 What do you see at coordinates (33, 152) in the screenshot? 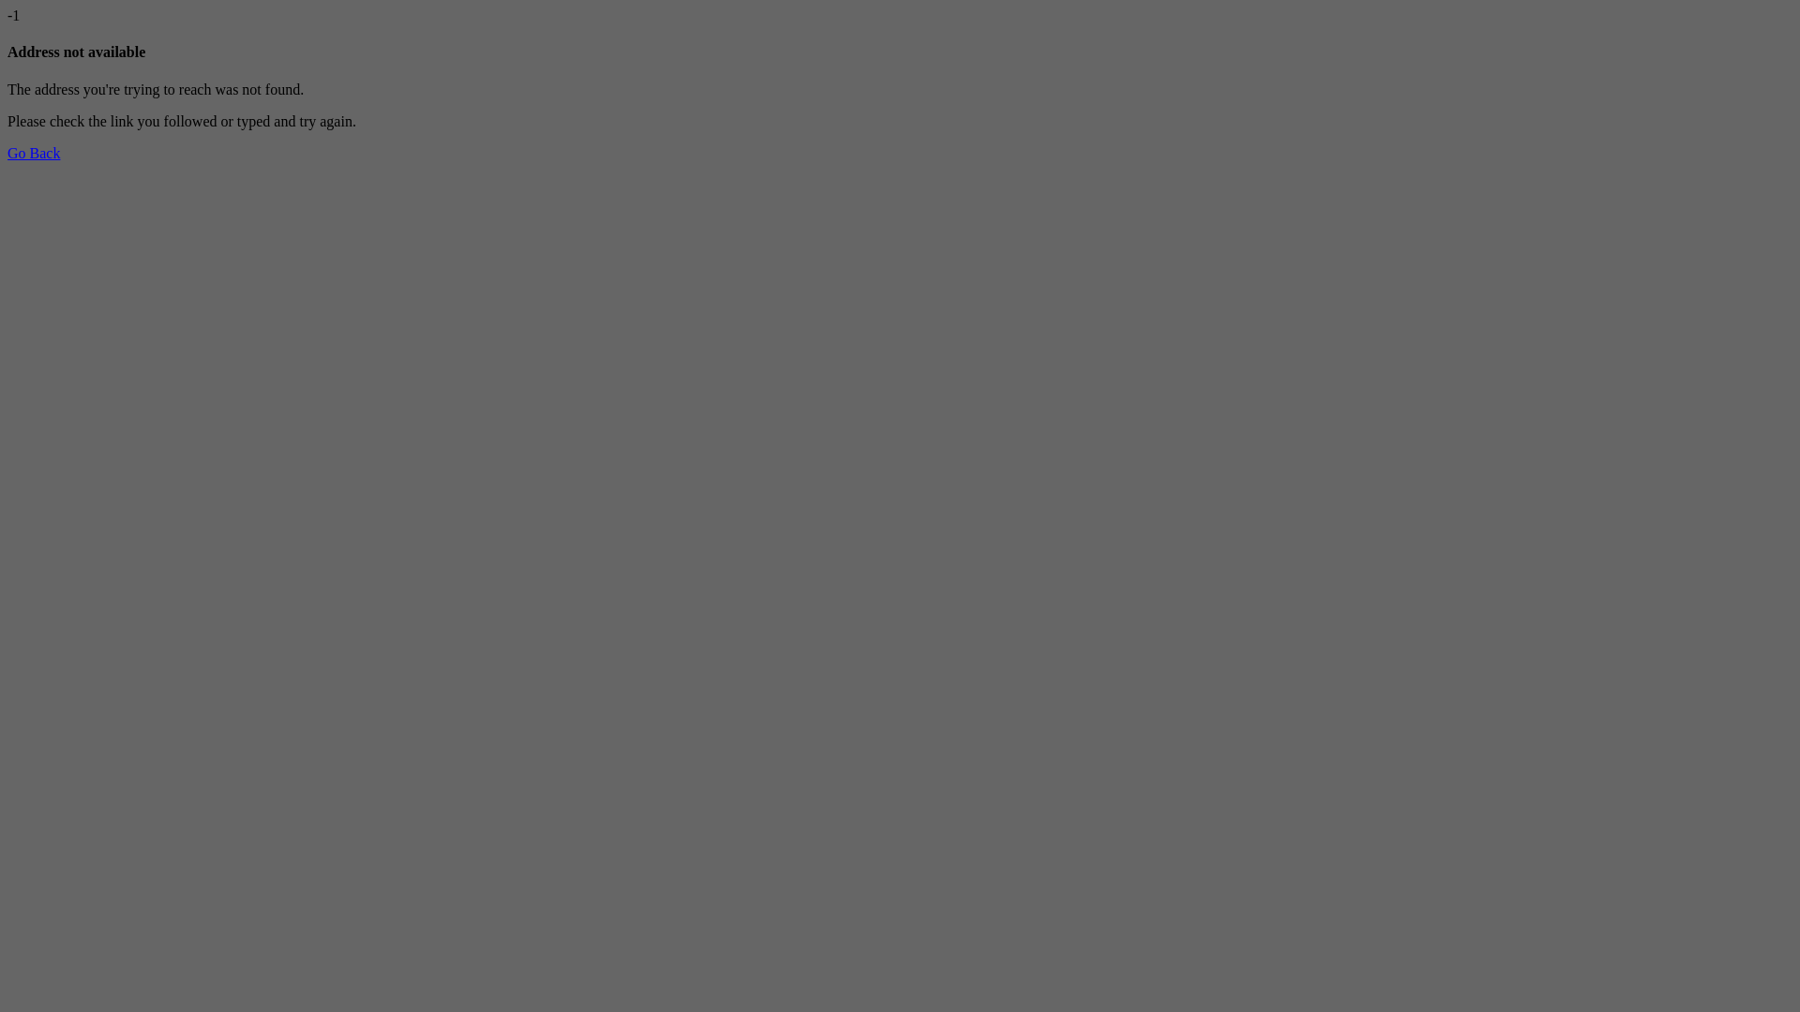
I see `'Go Back'` at bounding box center [33, 152].